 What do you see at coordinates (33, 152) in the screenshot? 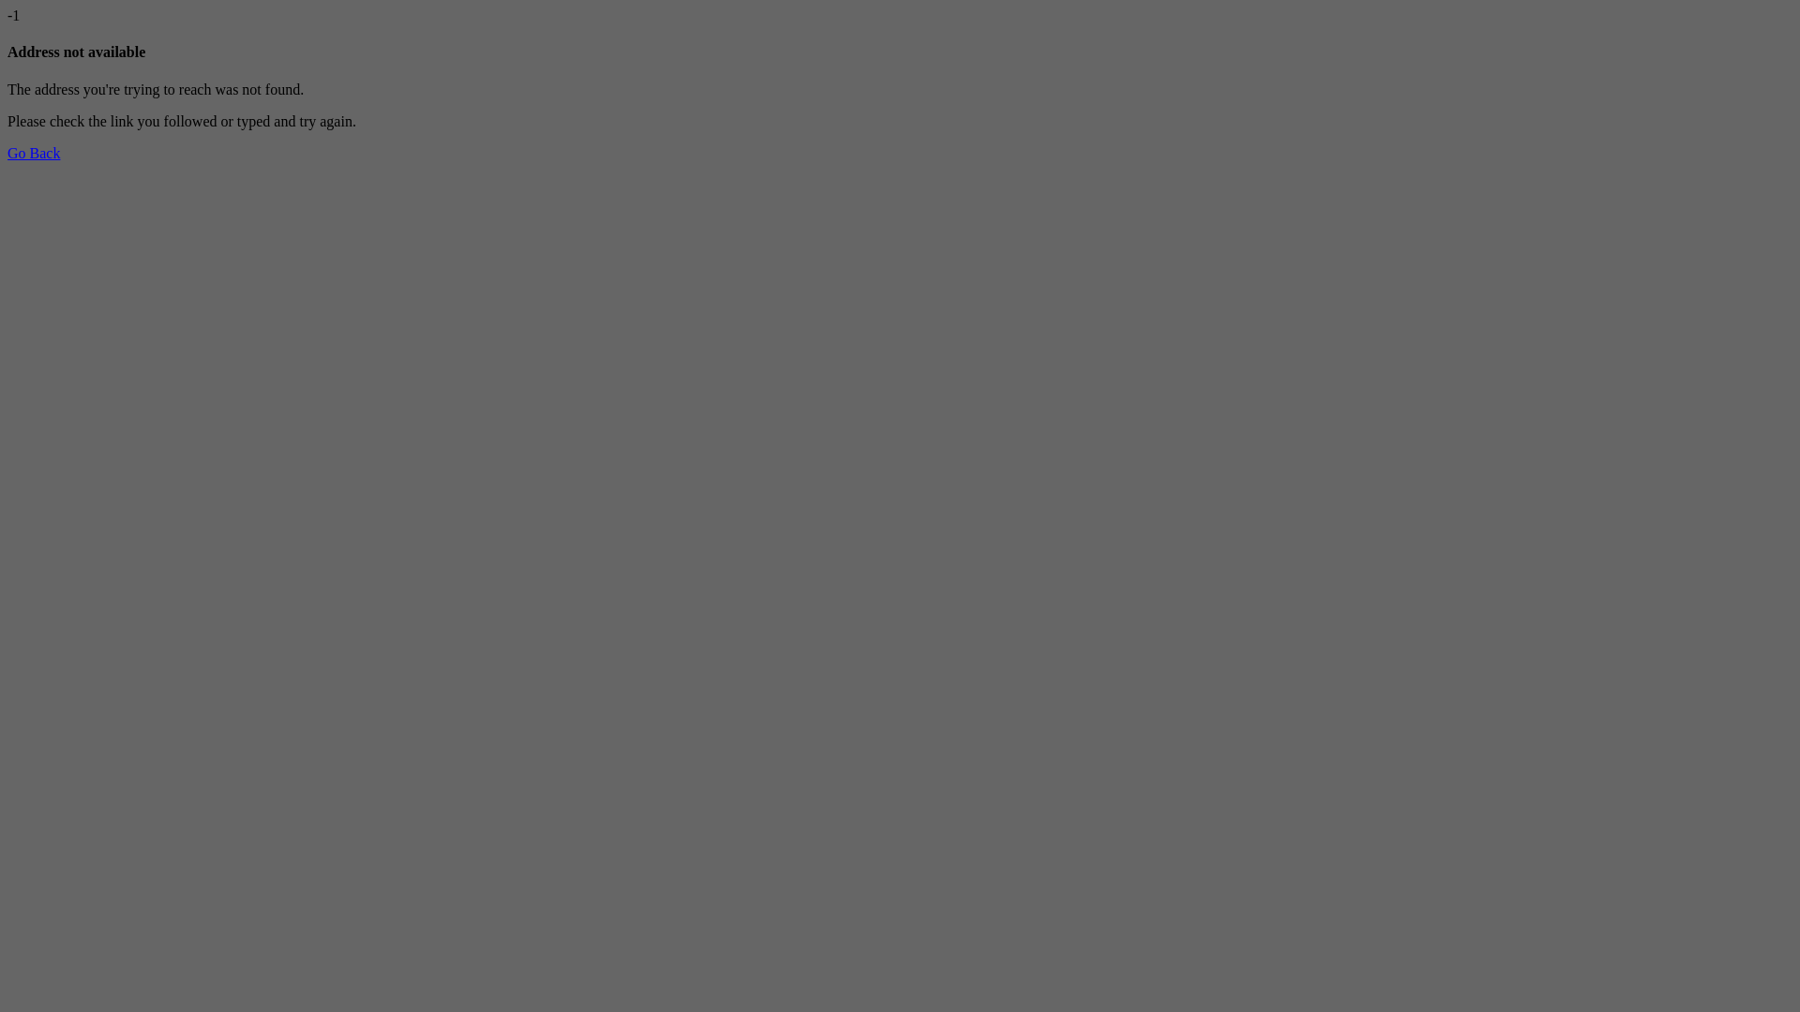
I see `'Go Back'` at bounding box center [33, 152].